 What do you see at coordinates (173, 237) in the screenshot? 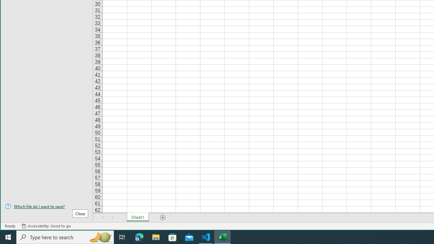
I see `'Microsoft Store'` at bounding box center [173, 237].